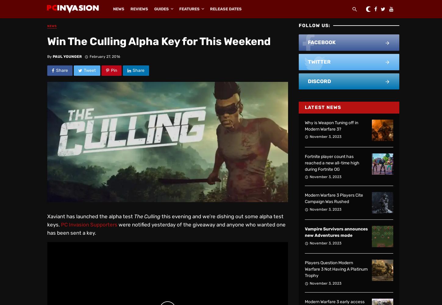 The height and width of the screenshot is (305, 442). I want to click on 'Latest News', so click(323, 107).